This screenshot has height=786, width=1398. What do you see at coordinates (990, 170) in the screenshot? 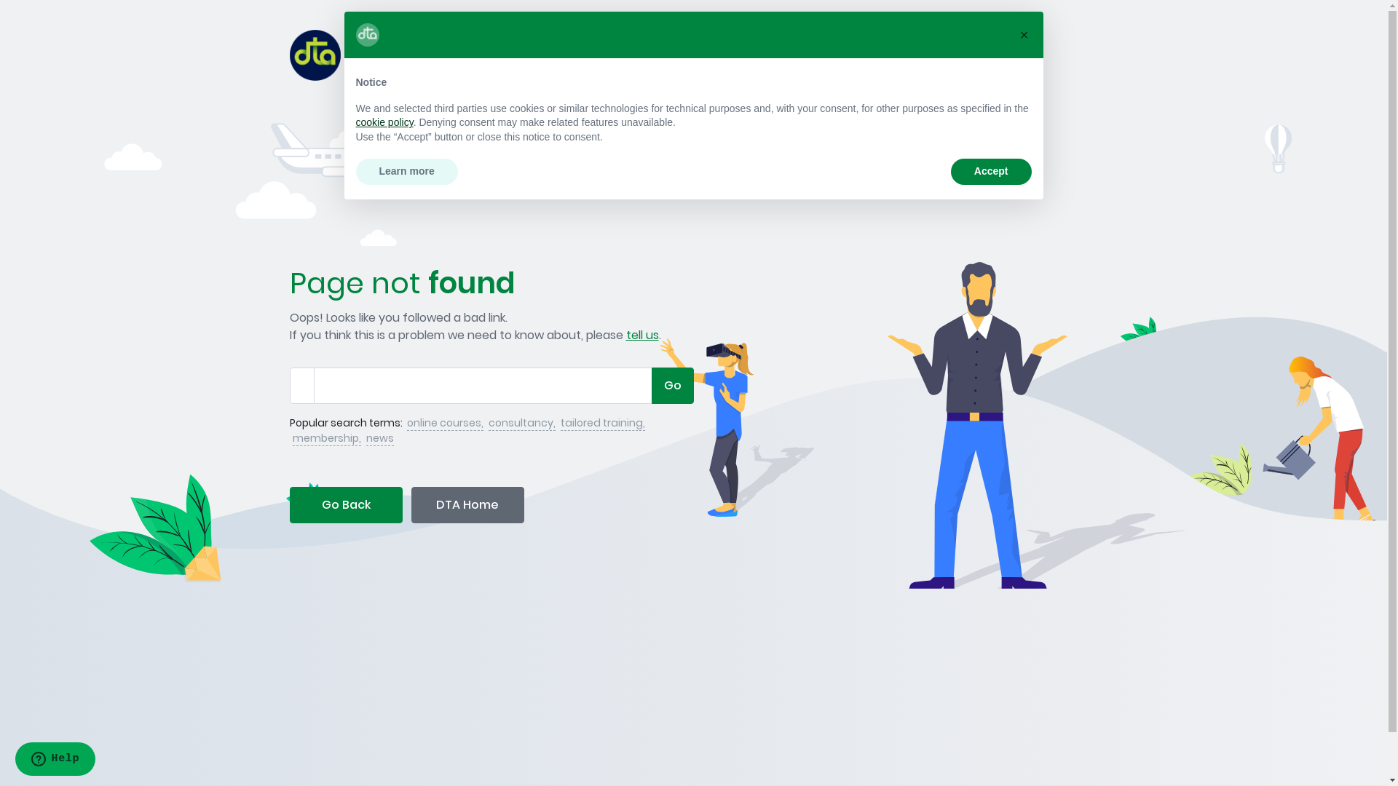
I see `'Accept'` at bounding box center [990, 170].